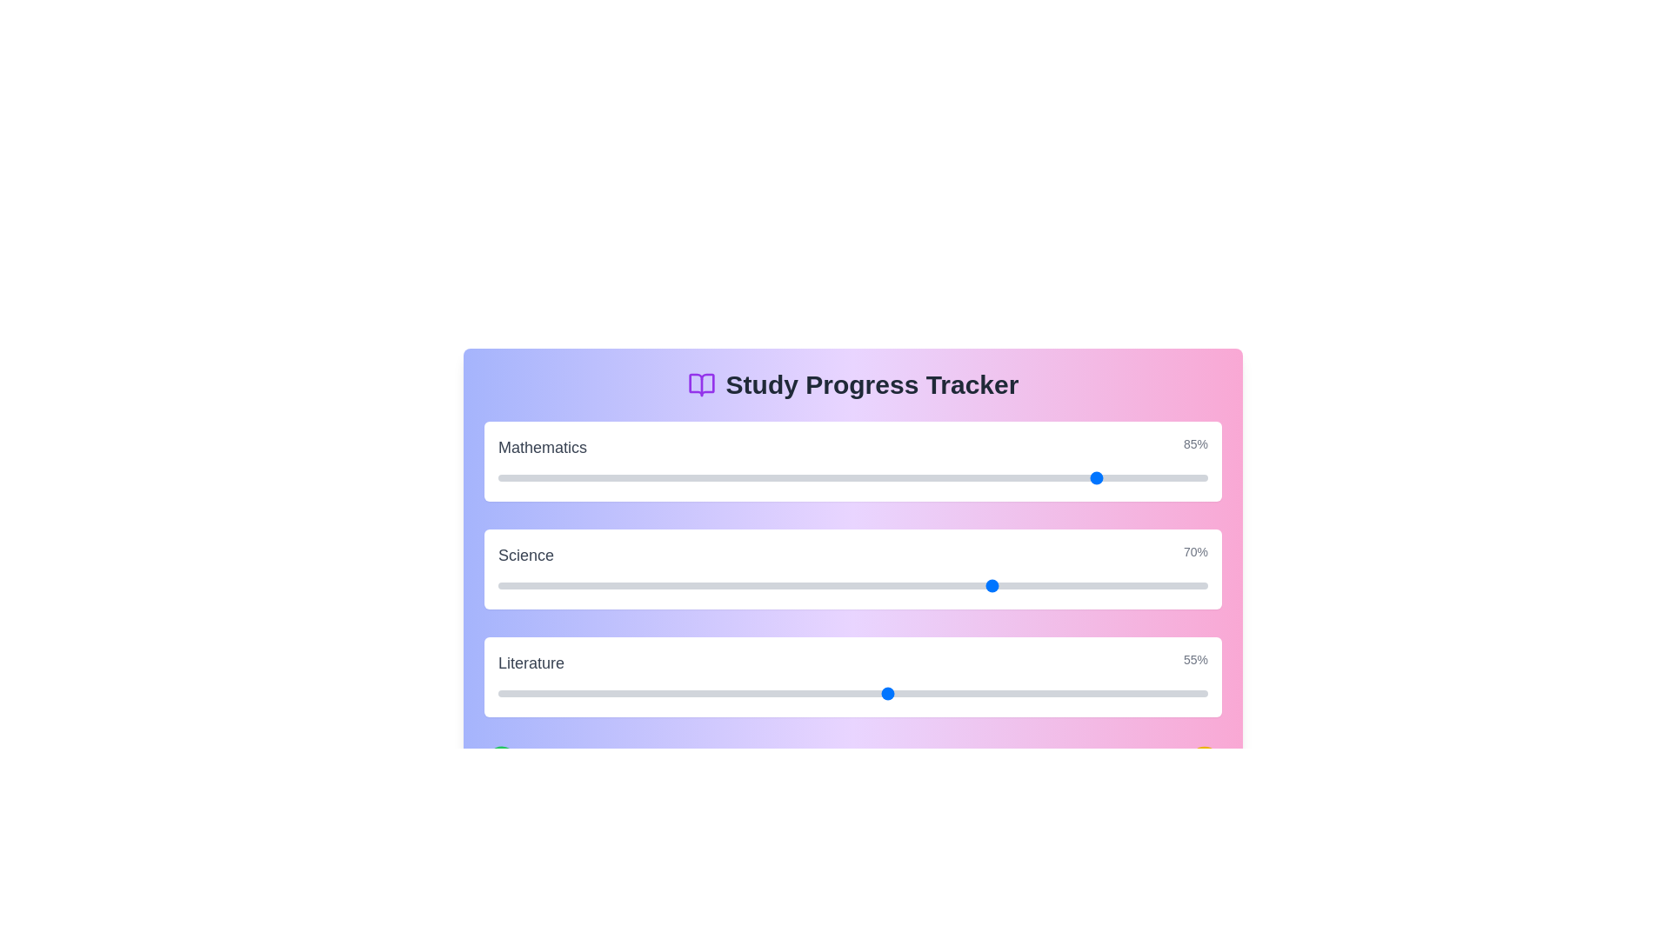 The height and width of the screenshot is (939, 1670). I want to click on the Literature progress slider to 11%, so click(576, 693).